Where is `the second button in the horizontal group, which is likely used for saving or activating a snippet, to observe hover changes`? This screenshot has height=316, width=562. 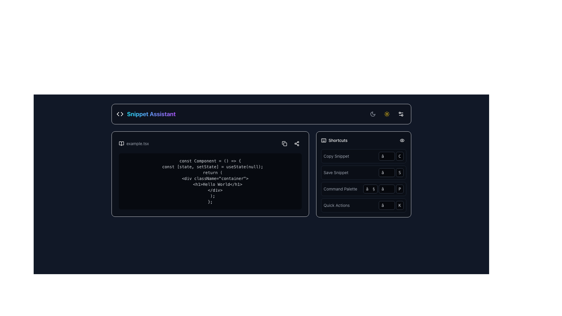 the second button in the horizontal group, which is likely used for saving or activating a snippet, to observe hover changes is located at coordinates (399, 172).